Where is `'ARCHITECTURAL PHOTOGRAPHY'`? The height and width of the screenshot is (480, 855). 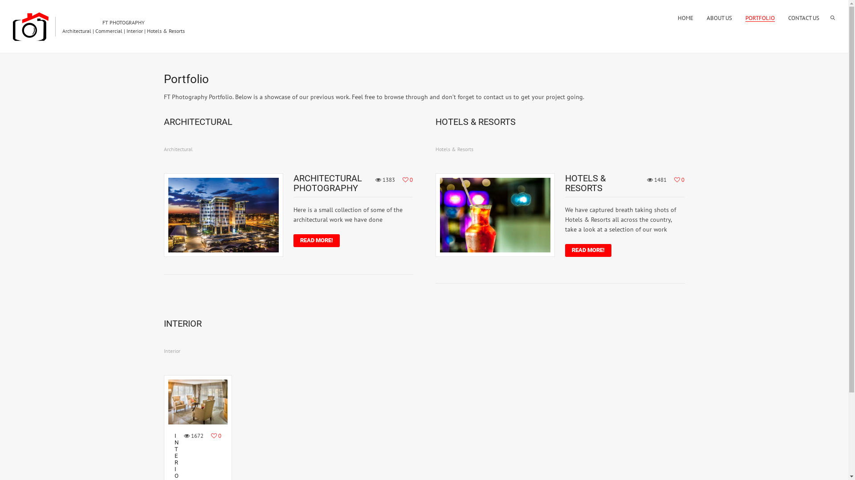 'ARCHITECTURAL PHOTOGRAPHY' is located at coordinates (327, 183).